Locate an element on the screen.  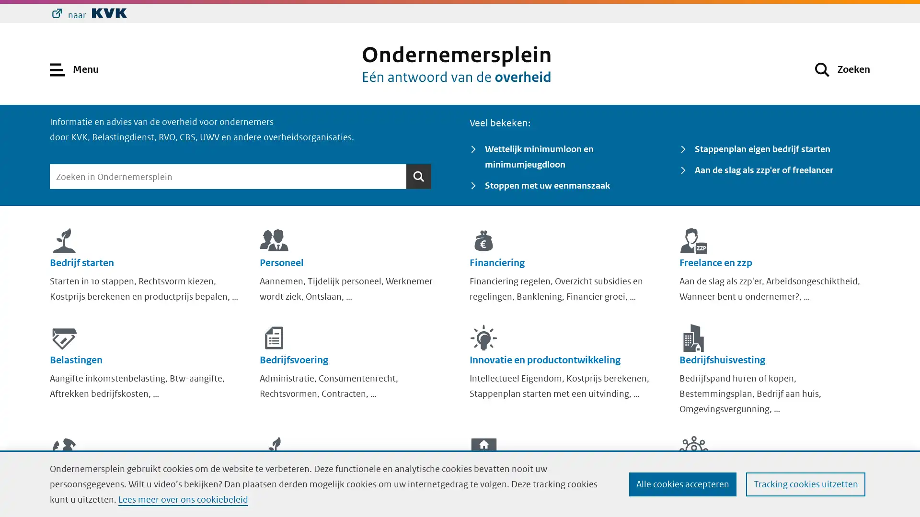
Alle cookies accepteren is located at coordinates (682, 484).